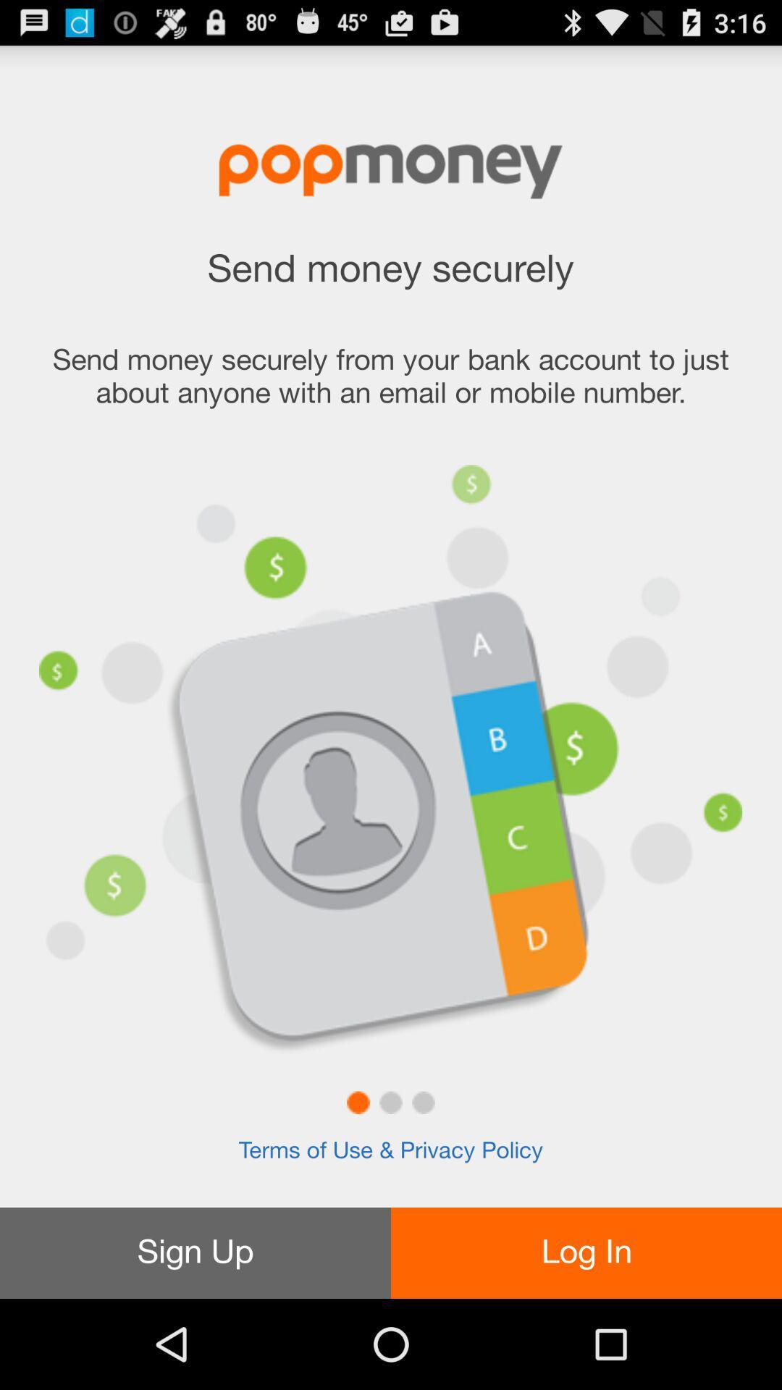  I want to click on item below the terms of use, so click(195, 1252).